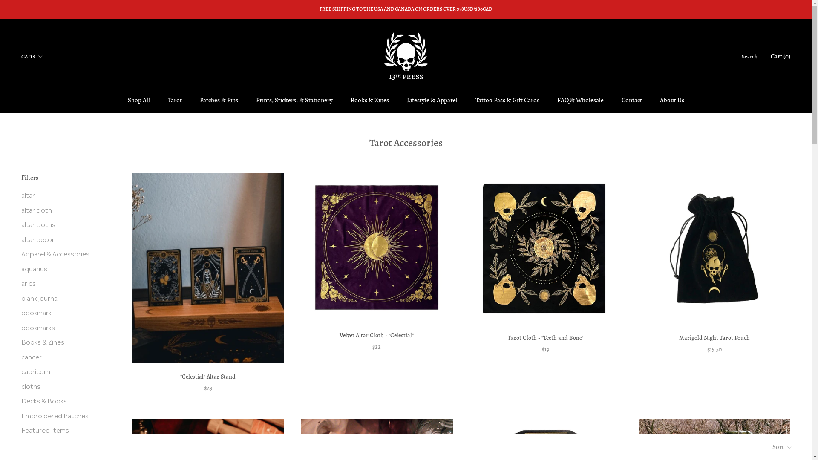  I want to click on 'aries', so click(63, 283).